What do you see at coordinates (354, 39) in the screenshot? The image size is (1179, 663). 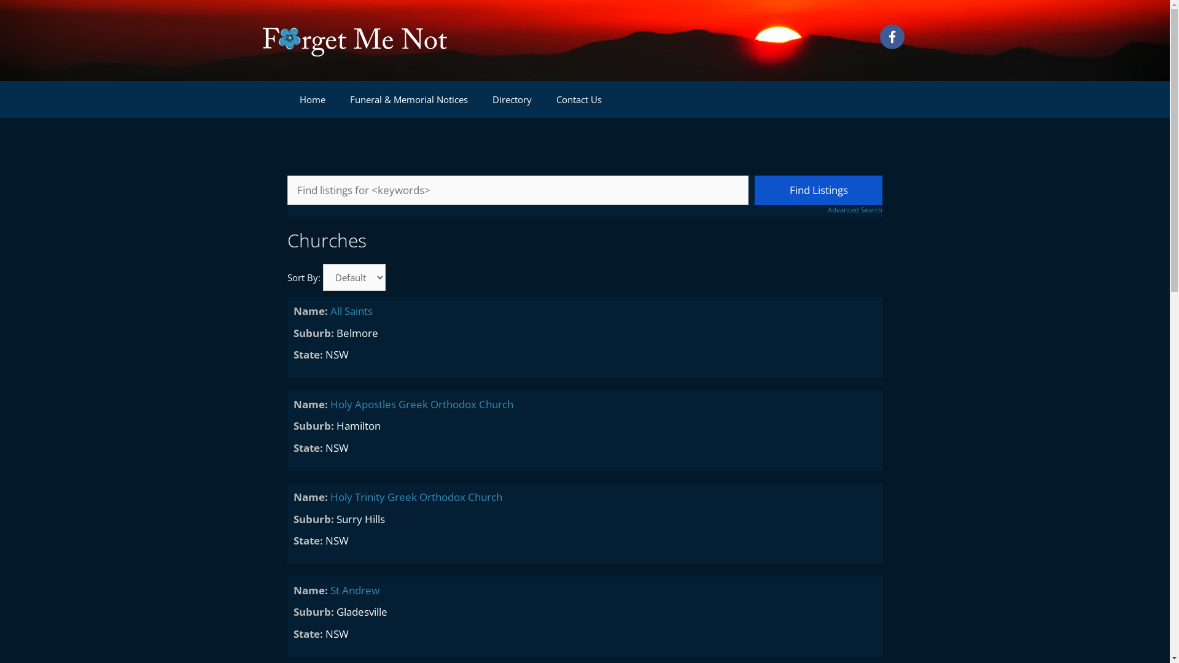 I see `'Forget-me-not.com.au'` at bounding box center [354, 39].